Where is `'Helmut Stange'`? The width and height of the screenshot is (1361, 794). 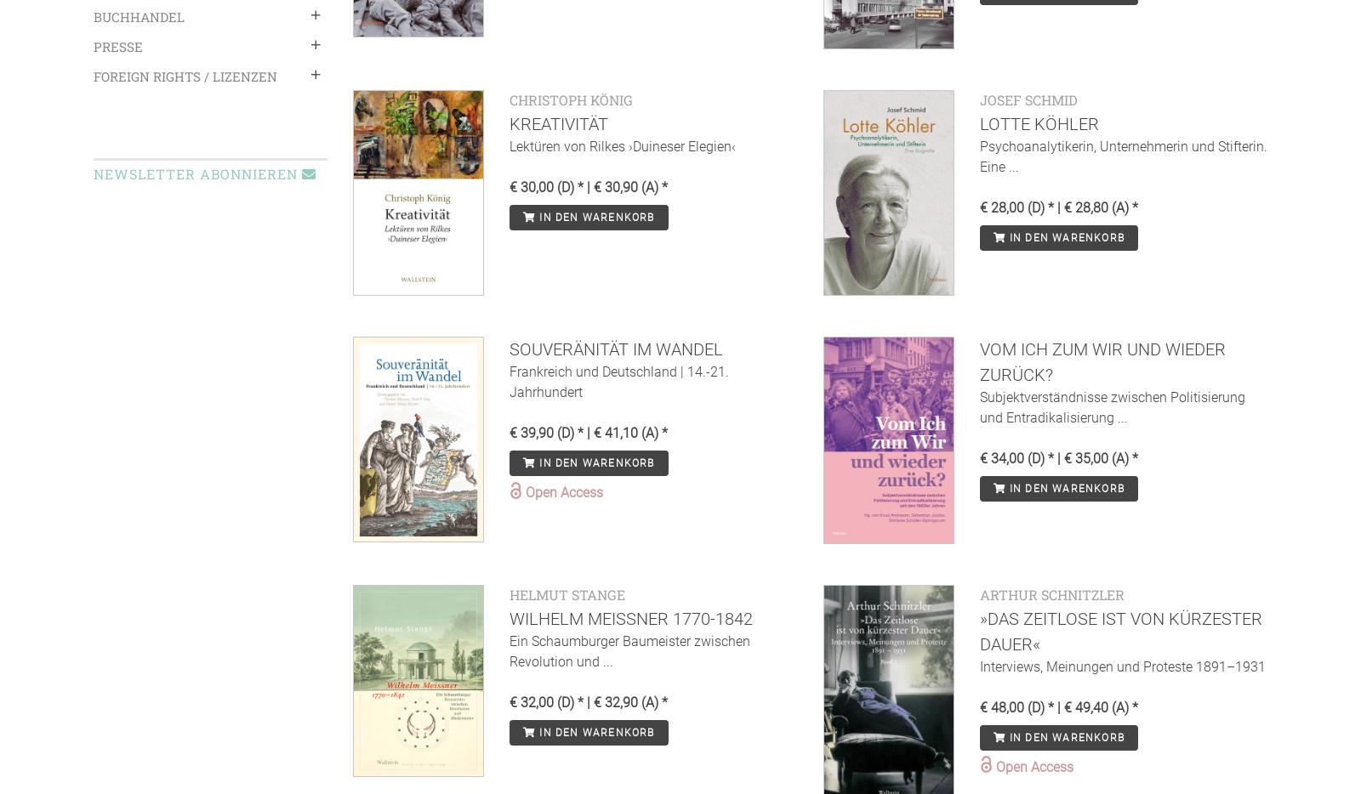
'Helmut Stange' is located at coordinates (567, 593).